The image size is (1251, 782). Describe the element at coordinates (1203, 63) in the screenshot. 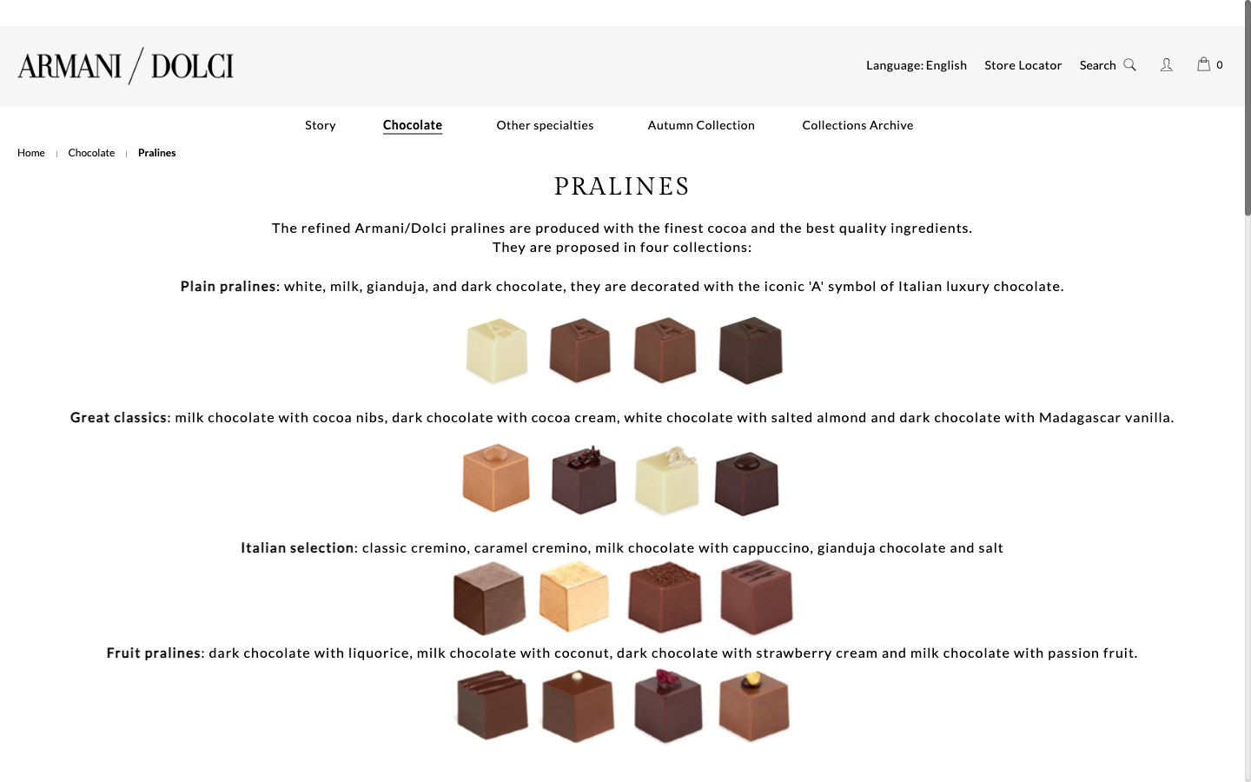

I see `the shopping cart by selecting the bag icon positioned in the upper right corner` at that location.